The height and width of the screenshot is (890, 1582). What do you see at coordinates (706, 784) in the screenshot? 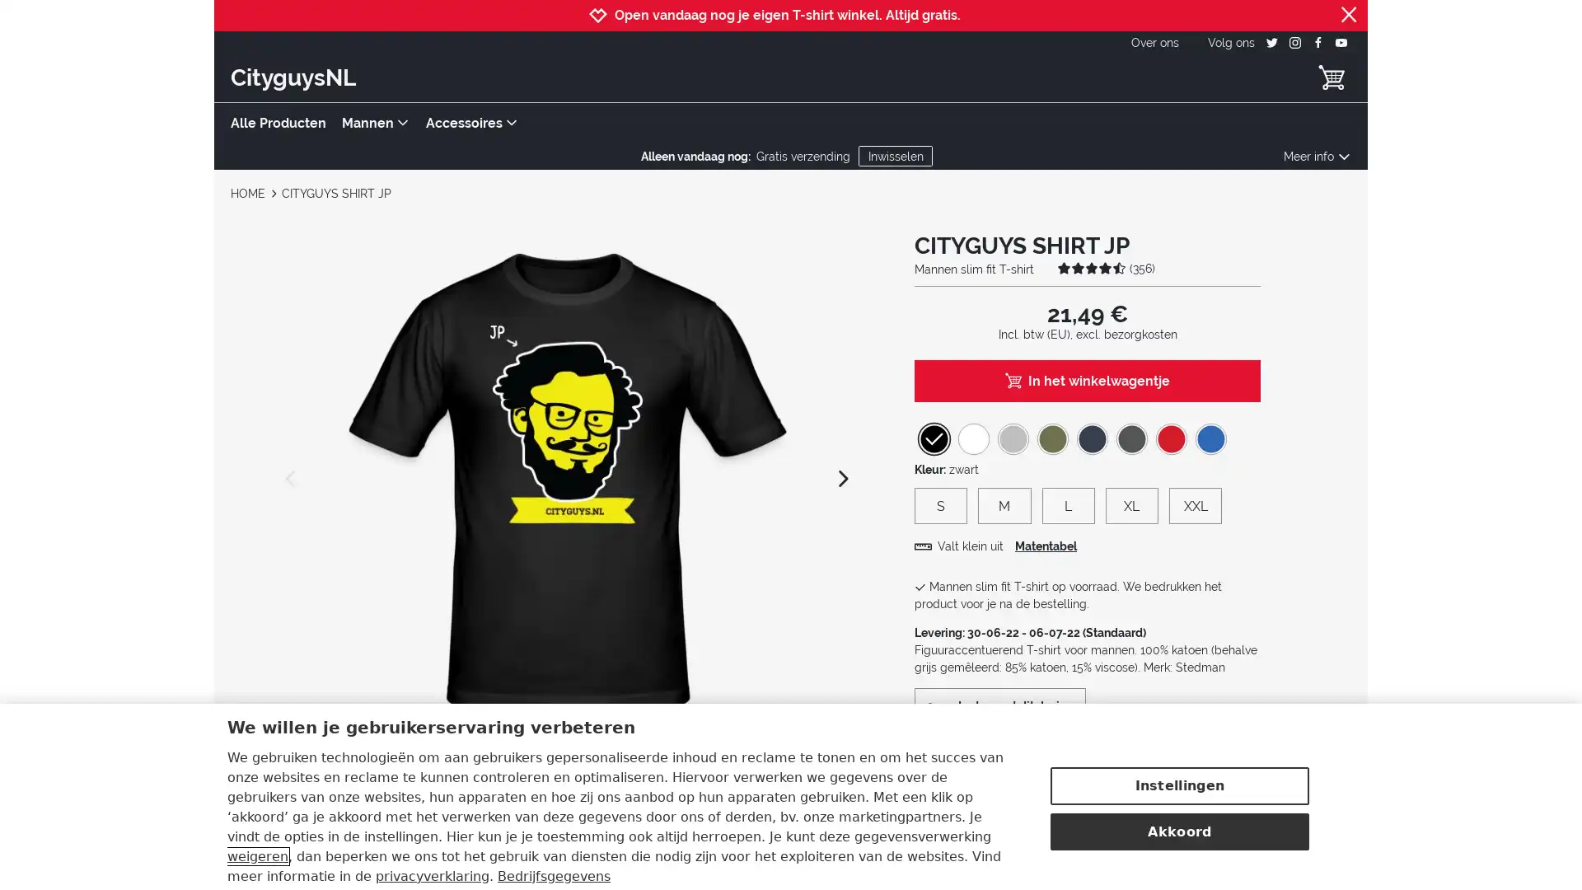
I see `CITYGUYS SHIRT JP view 5` at bounding box center [706, 784].